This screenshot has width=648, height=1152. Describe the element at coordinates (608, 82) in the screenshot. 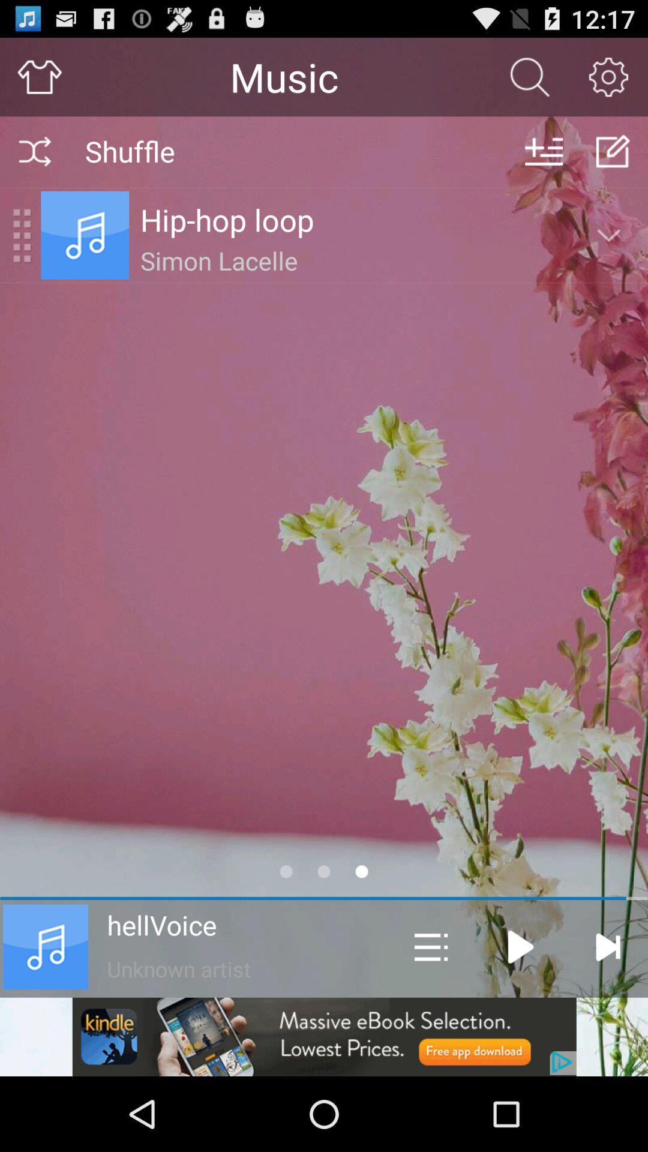

I see `the settings icon` at that location.